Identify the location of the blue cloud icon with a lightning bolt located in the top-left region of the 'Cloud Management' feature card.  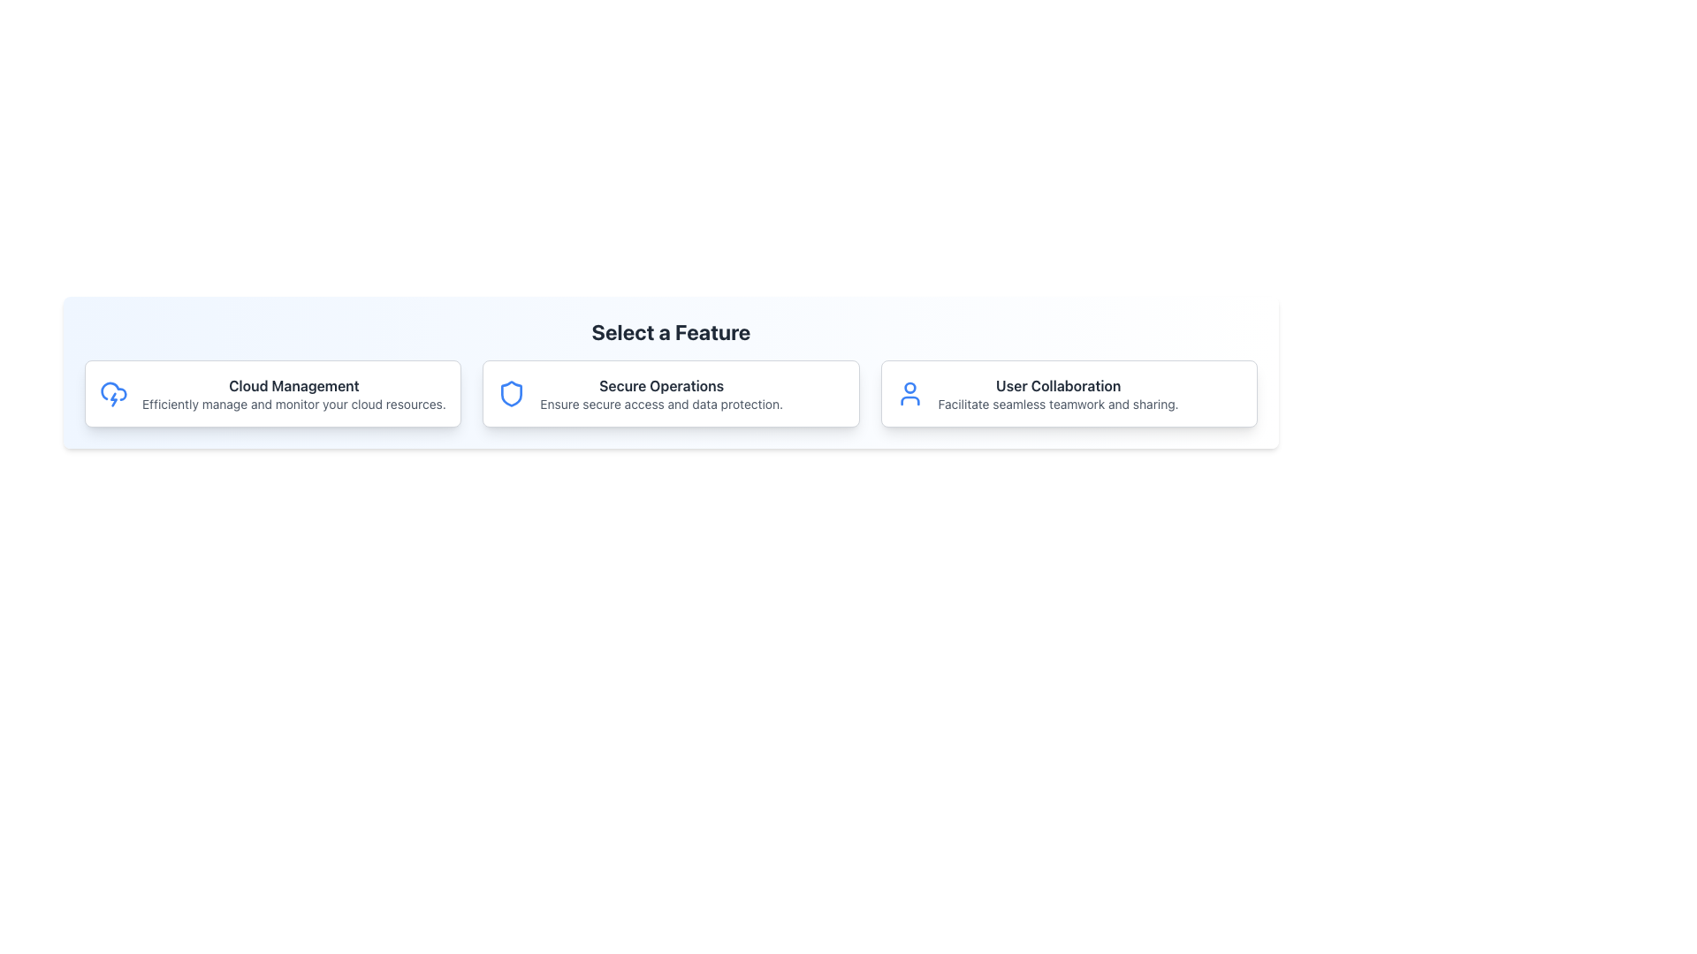
(113, 391).